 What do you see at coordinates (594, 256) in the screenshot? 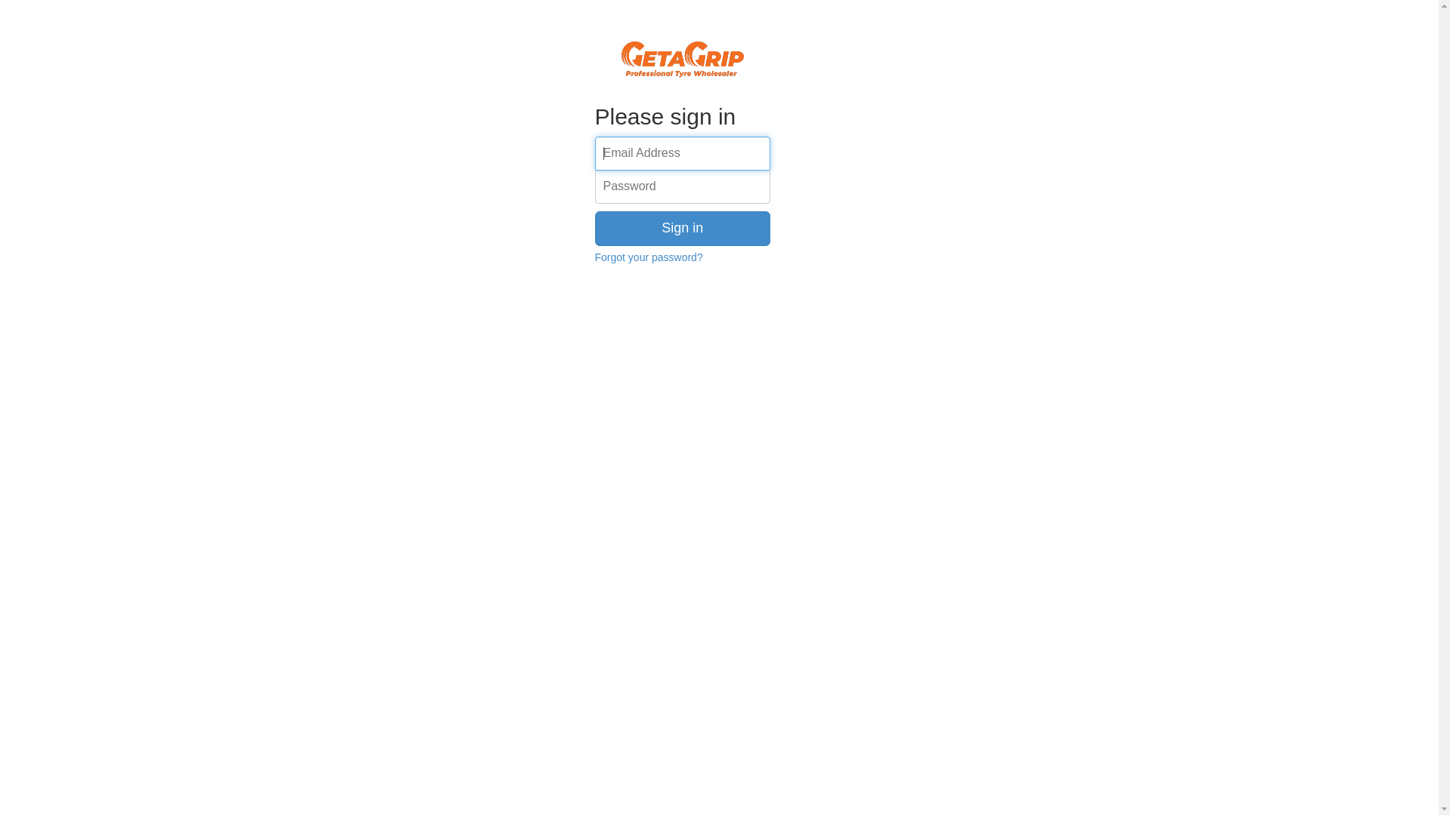
I see `'Forgot your password?'` at bounding box center [594, 256].